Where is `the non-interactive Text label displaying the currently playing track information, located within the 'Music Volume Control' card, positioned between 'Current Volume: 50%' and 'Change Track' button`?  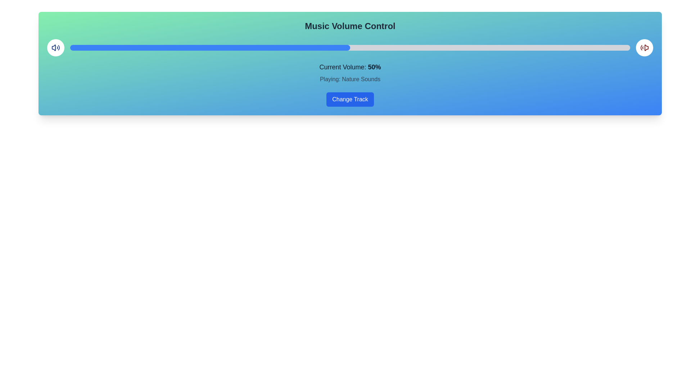 the non-interactive Text label displaying the currently playing track information, located within the 'Music Volume Control' card, positioned between 'Current Volume: 50%' and 'Change Track' button is located at coordinates (350, 79).